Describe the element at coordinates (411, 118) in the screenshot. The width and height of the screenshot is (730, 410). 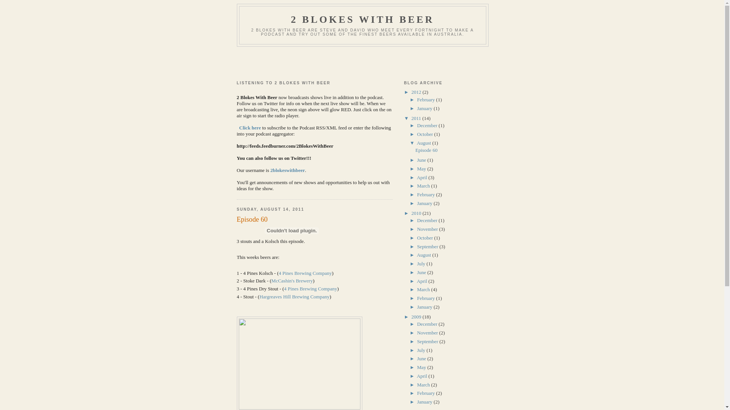
I see `'2011'` at that location.